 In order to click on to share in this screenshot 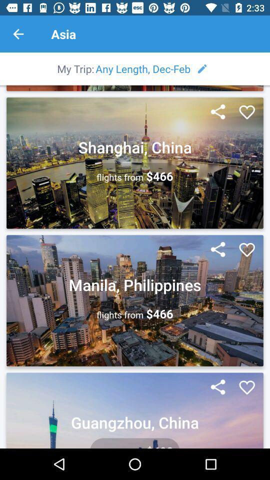, I will do `click(217, 249)`.